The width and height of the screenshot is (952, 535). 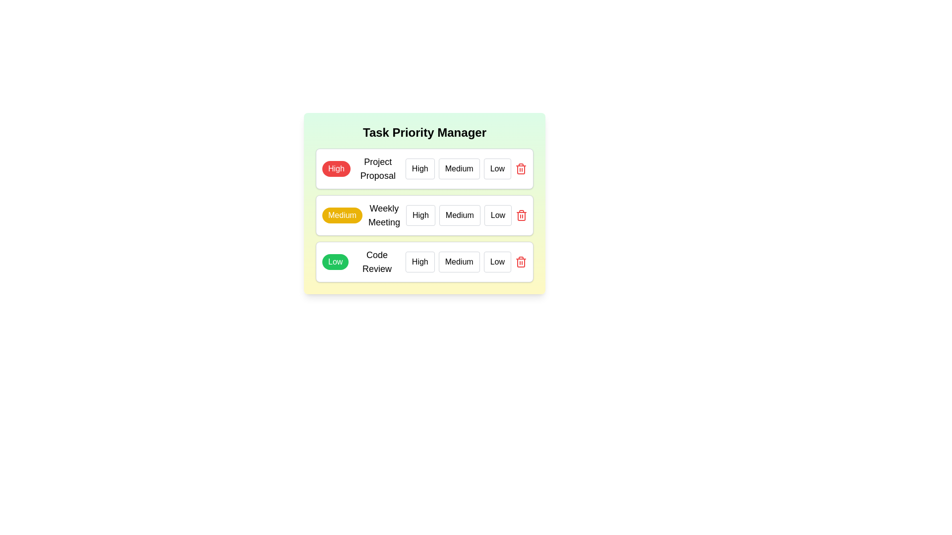 I want to click on the priority level Low for the task Code Review, so click(x=497, y=261).